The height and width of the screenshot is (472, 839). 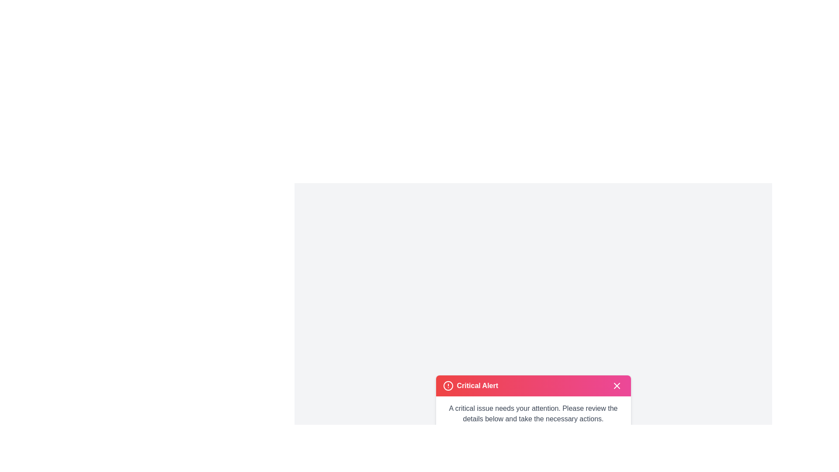 What do you see at coordinates (533, 385) in the screenshot?
I see `the Notification banner element with the text 'Critical Alert' and a gradient background transitioning from red to pink` at bounding box center [533, 385].